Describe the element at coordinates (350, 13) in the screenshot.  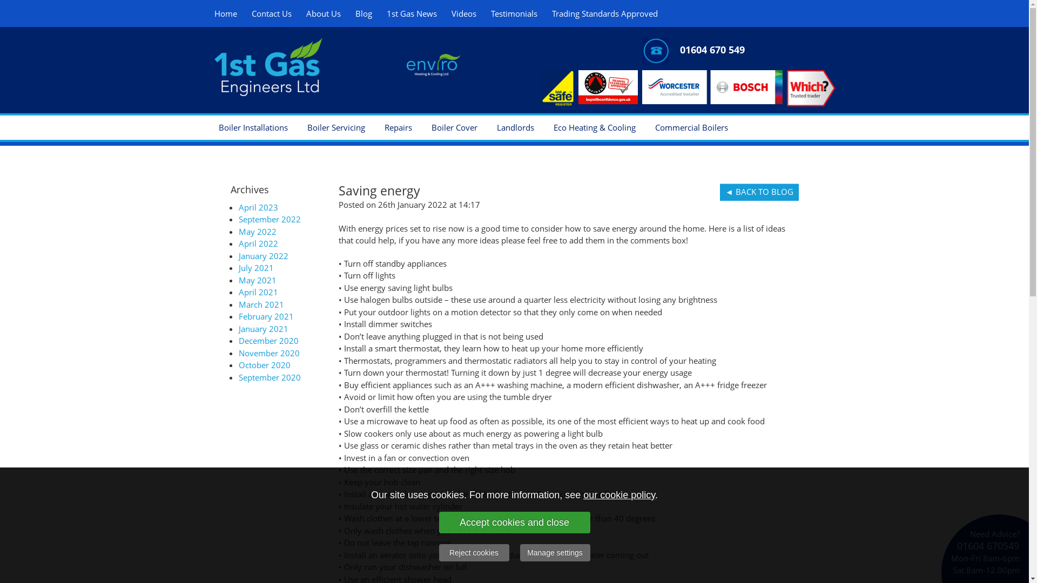
I see `'Blog'` at that location.